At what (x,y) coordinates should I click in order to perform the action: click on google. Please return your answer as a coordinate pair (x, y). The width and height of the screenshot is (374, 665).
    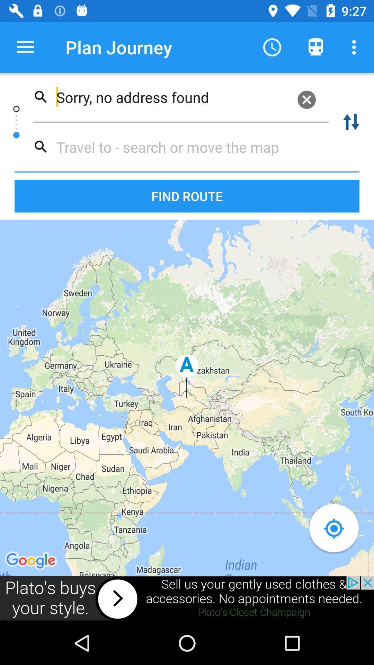
    Looking at the image, I should click on (32, 561).